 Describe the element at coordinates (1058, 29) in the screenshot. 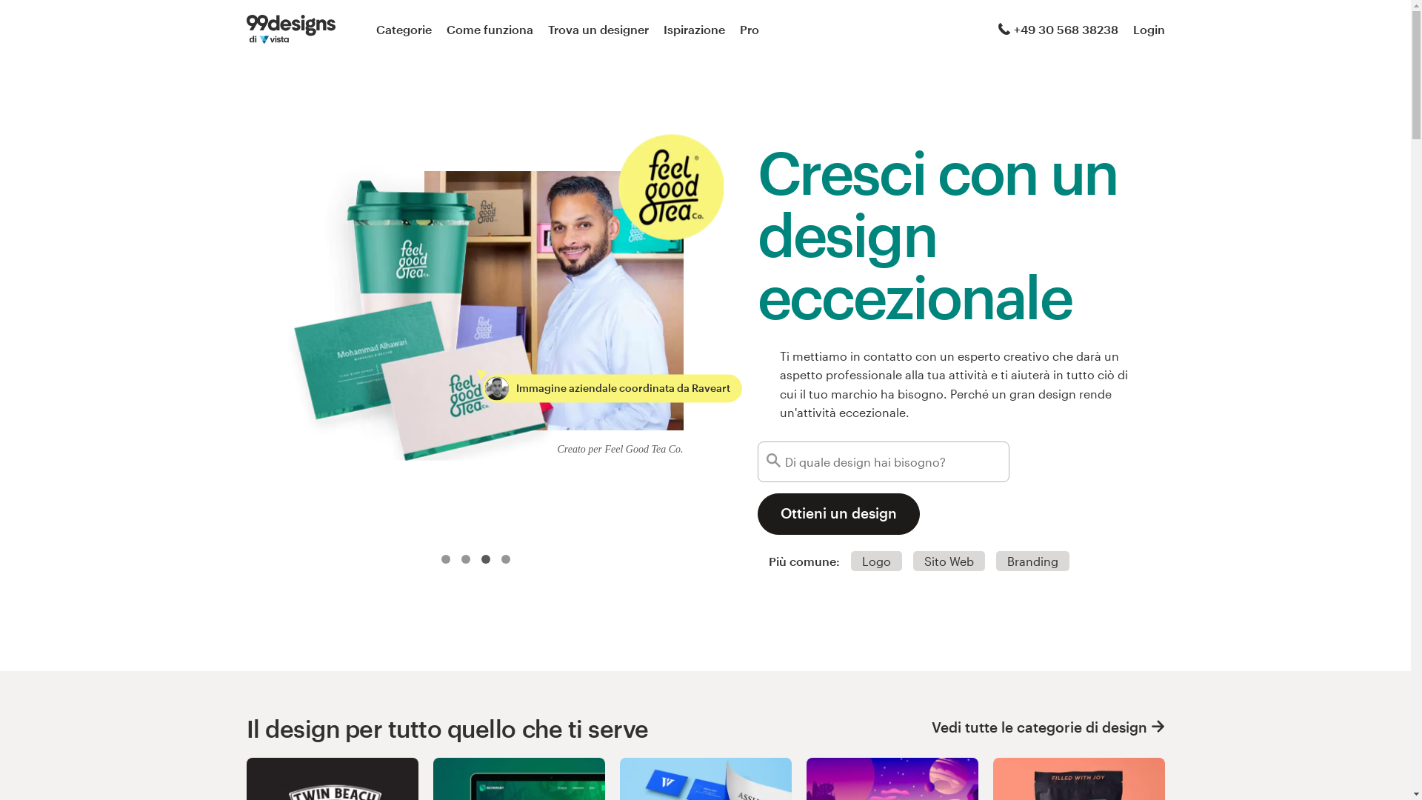

I see `'+49 30 568 38238'` at that location.